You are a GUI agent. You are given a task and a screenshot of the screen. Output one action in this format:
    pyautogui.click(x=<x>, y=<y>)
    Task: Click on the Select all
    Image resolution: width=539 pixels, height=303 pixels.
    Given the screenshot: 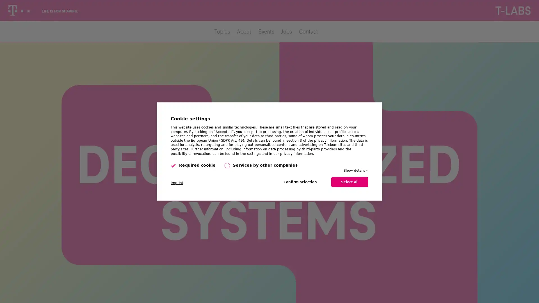 What is the action you would take?
    pyautogui.click(x=350, y=182)
    